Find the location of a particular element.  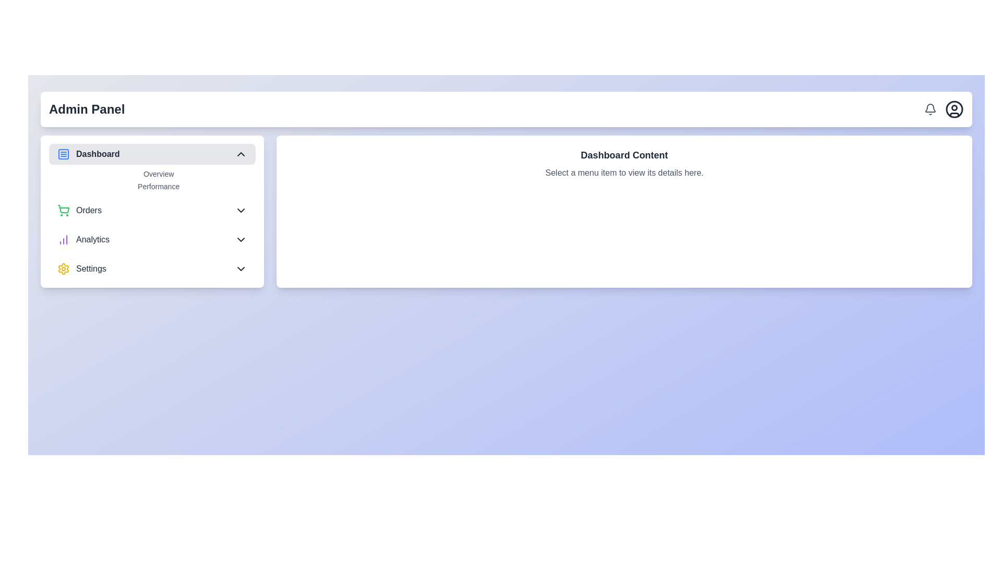

the fourth item in the vertical navigation menu under the 'Admin Panel' is located at coordinates (152, 268).